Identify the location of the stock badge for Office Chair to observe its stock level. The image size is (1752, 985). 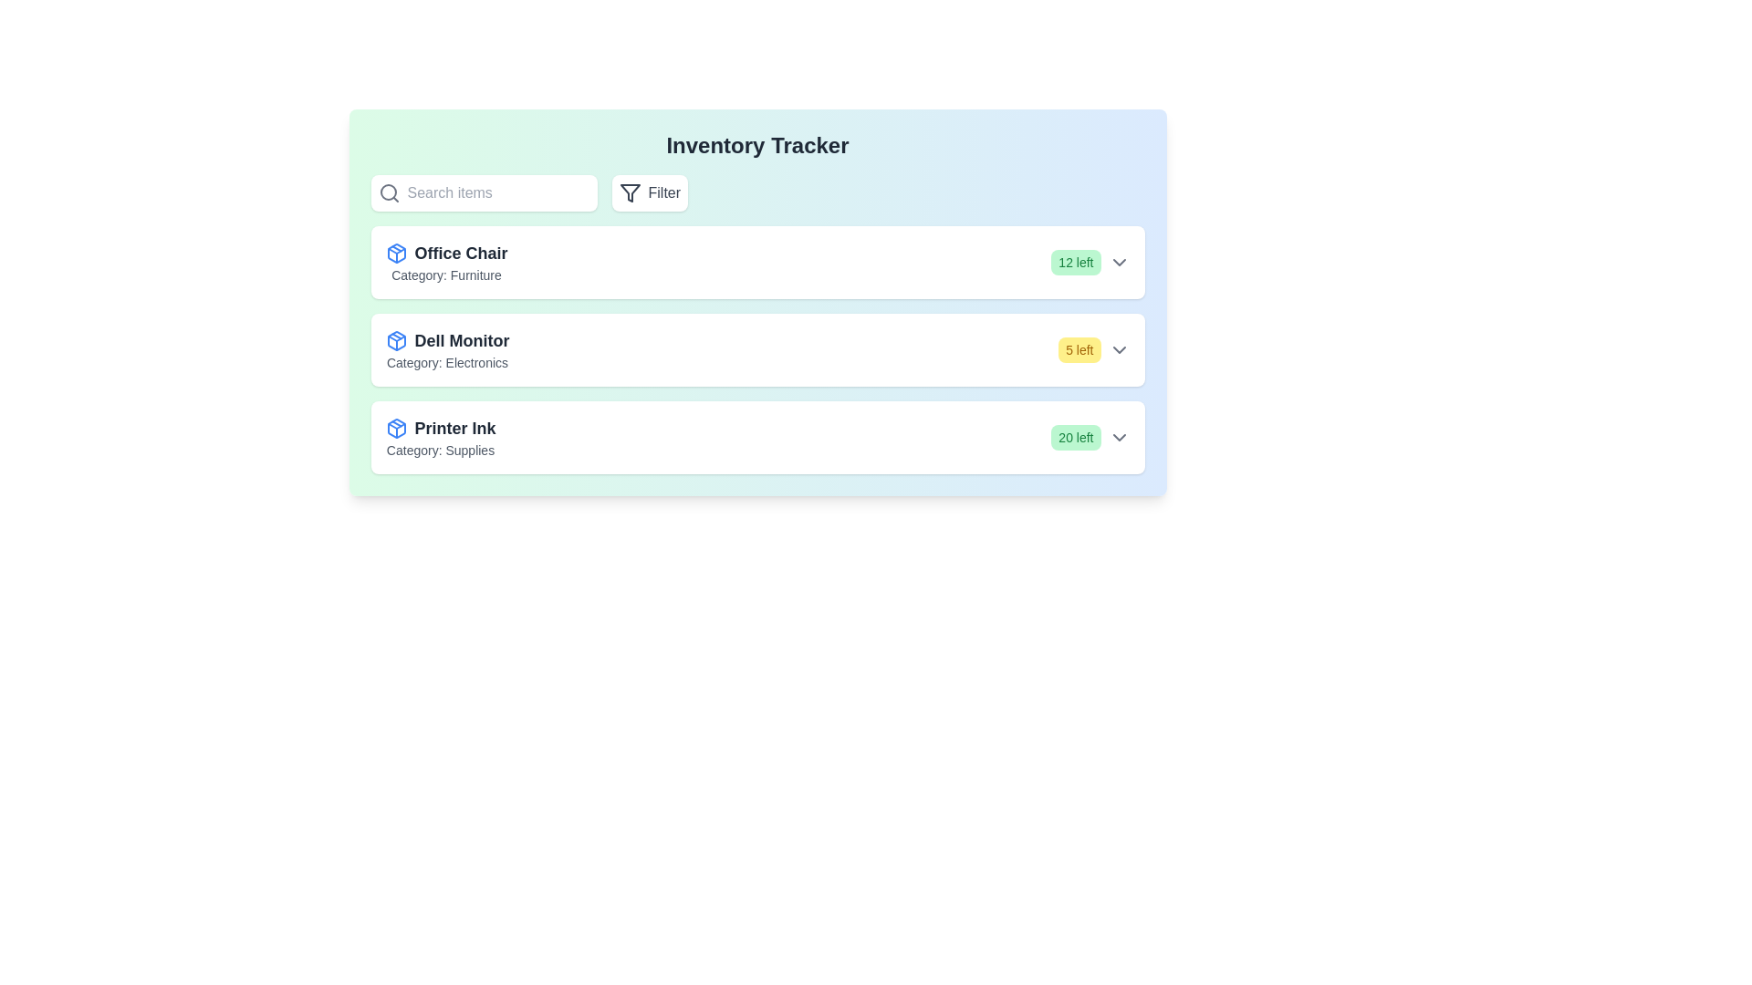
(1076, 263).